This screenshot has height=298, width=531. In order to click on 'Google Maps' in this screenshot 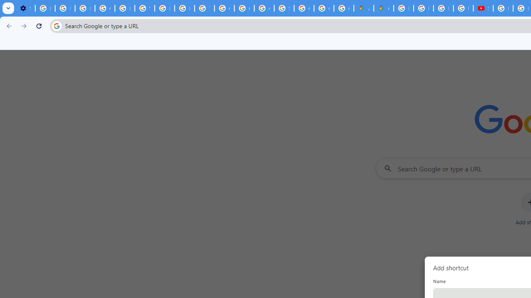, I will do `click(383, 8)`.